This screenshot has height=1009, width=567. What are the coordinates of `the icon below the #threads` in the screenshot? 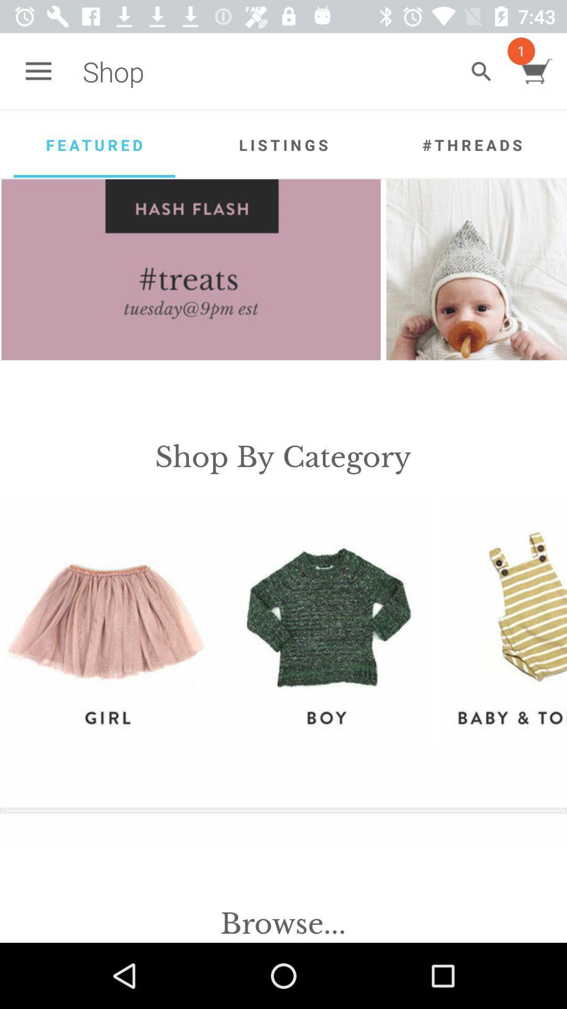 It's located at (476, 270).